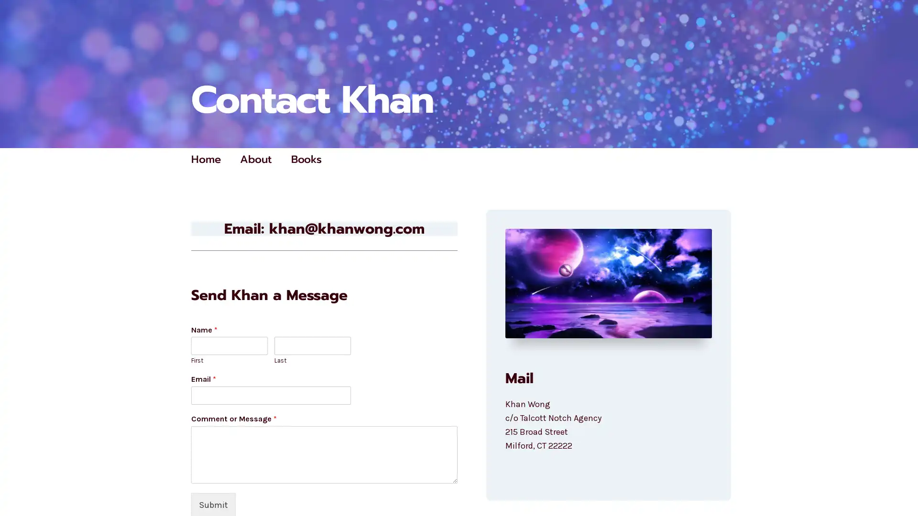  I want to click on Scroll to top, so click(899, 484).